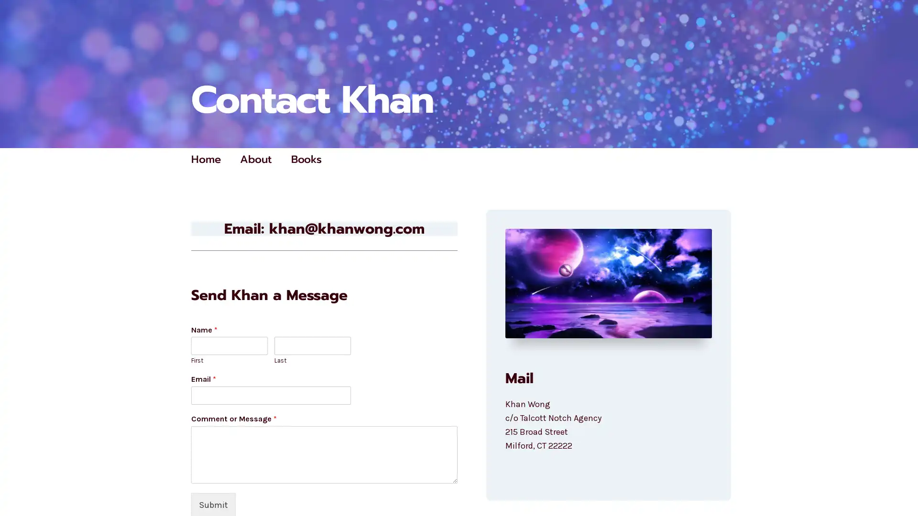  I want to click on Scroll to top, so click(899, 484).